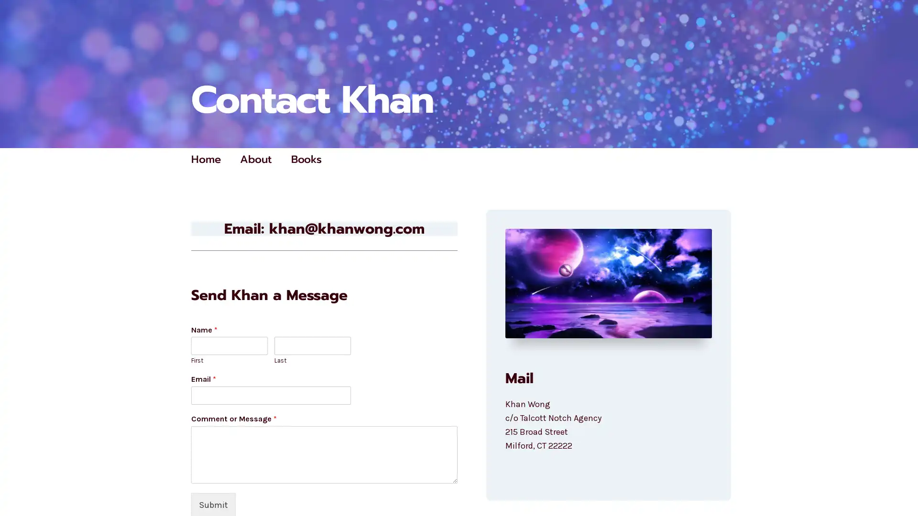  I want to click on Scroll to top, so click(899, 484).